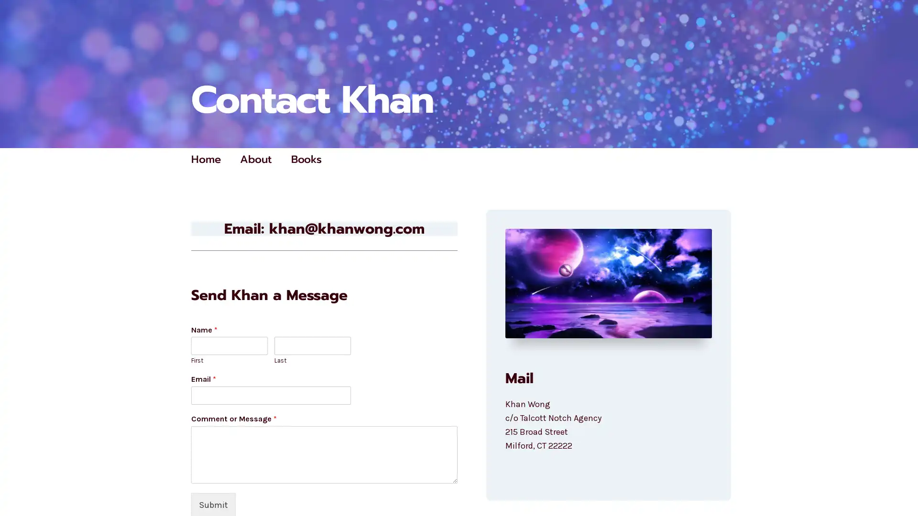  I want to click on Scroll to top, so click(899, 484).